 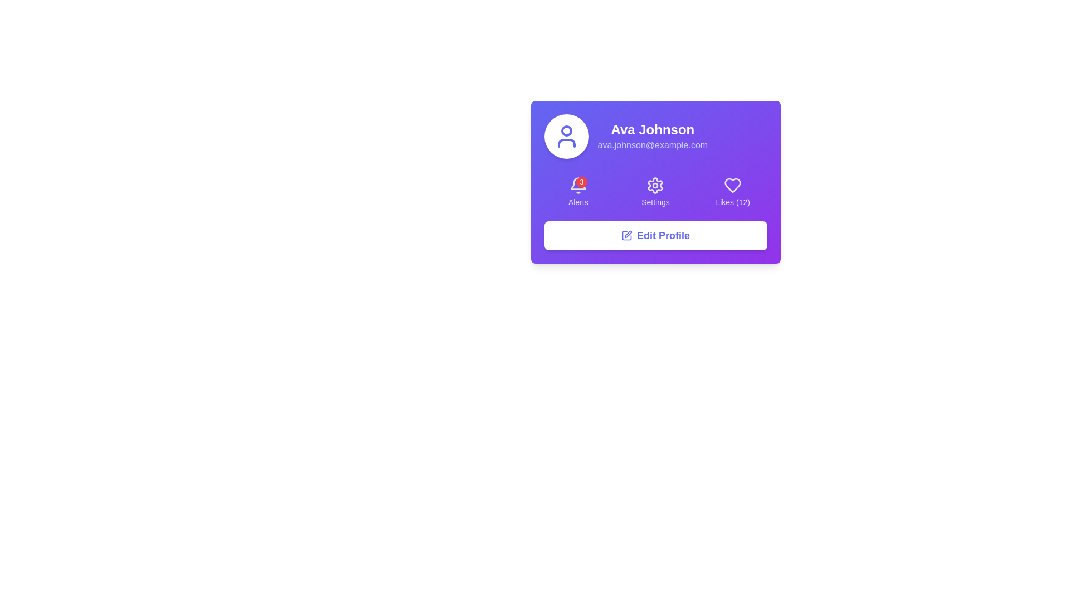 I want to click on the stylized pen icon located within the 'Edit Profile' button at the center of the profile widget, so click(x=628, y=234).